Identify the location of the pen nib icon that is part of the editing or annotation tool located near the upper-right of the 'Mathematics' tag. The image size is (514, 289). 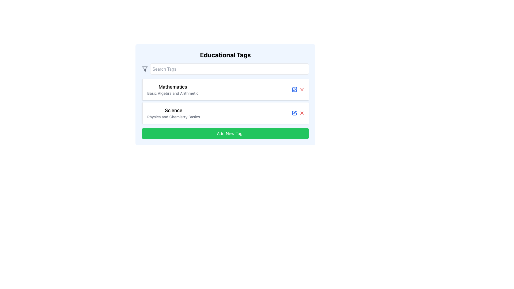
(295, 89).